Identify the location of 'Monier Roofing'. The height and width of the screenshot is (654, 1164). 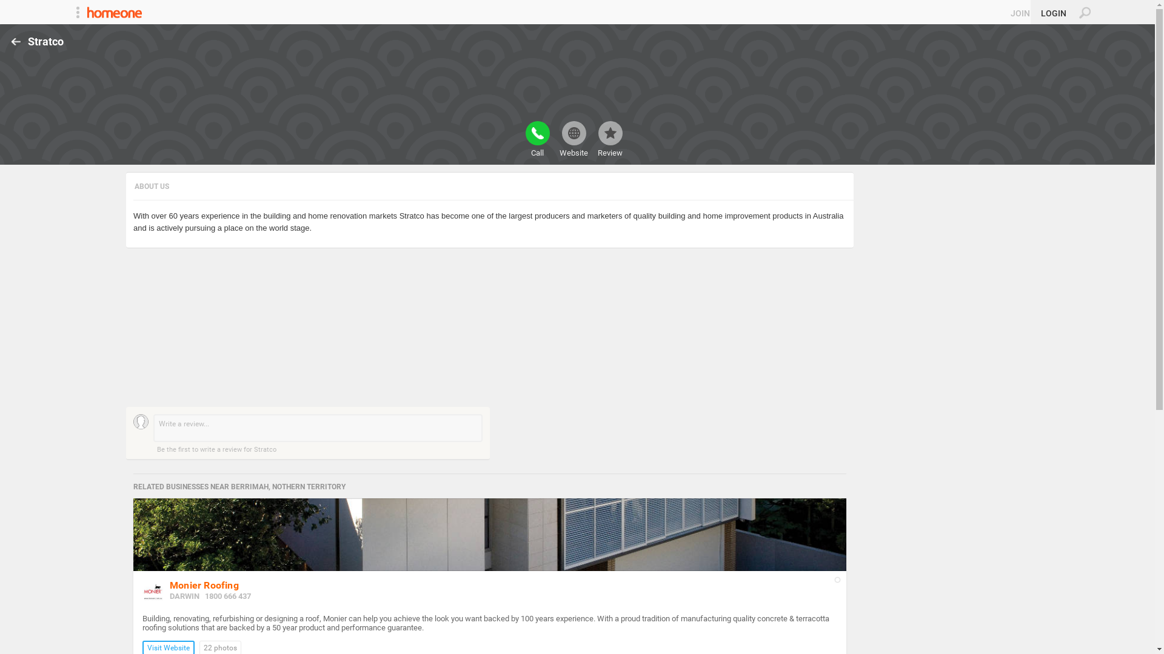
(204, 584).